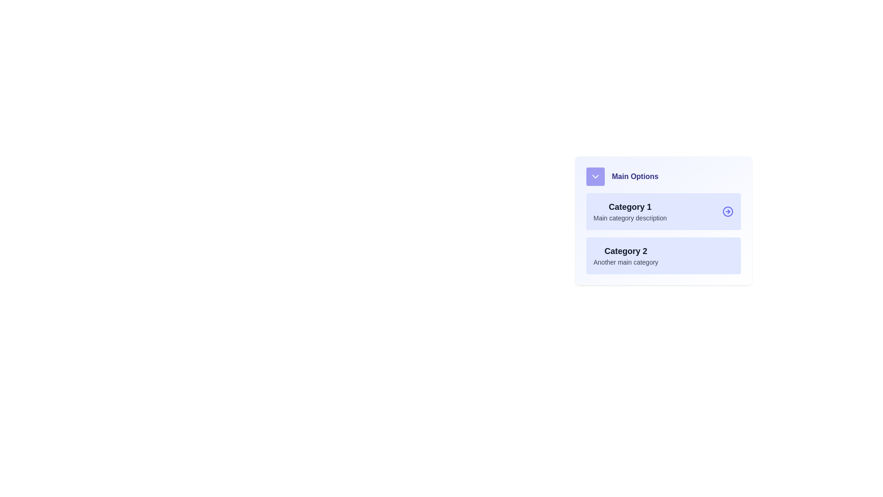  I want to click on the static text label that serves as a heading for the section below, positioned to the right of an interactive button with a down-facing chevron icon and above a list of selectable categories, so click(635, 177).